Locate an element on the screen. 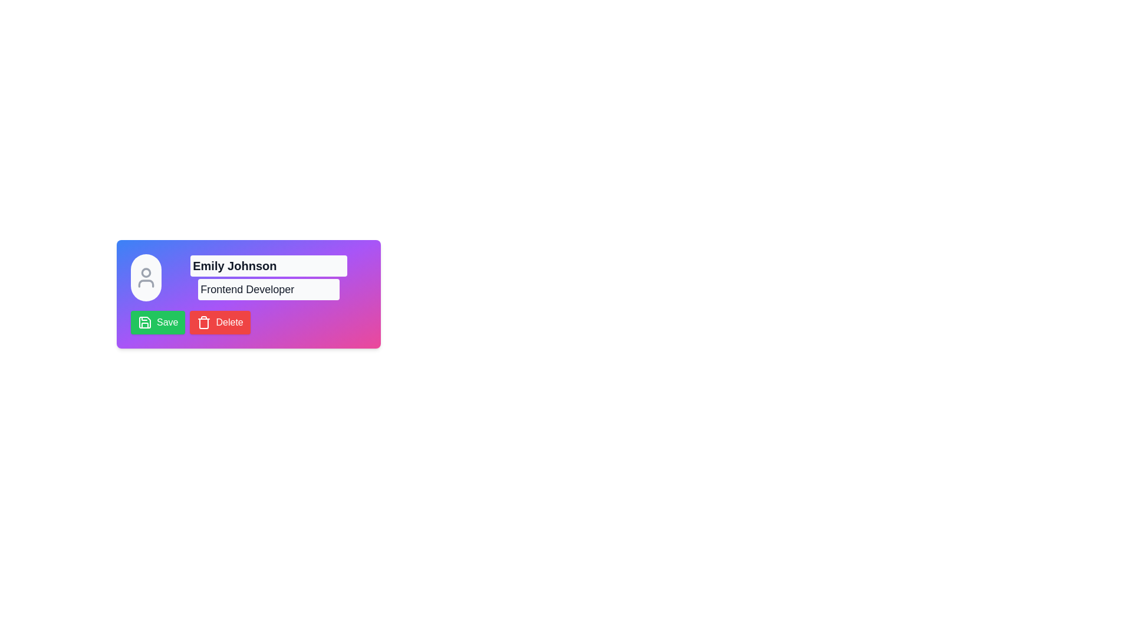  the green 'Save' button with a save icon is located at coordinates (157, 323).